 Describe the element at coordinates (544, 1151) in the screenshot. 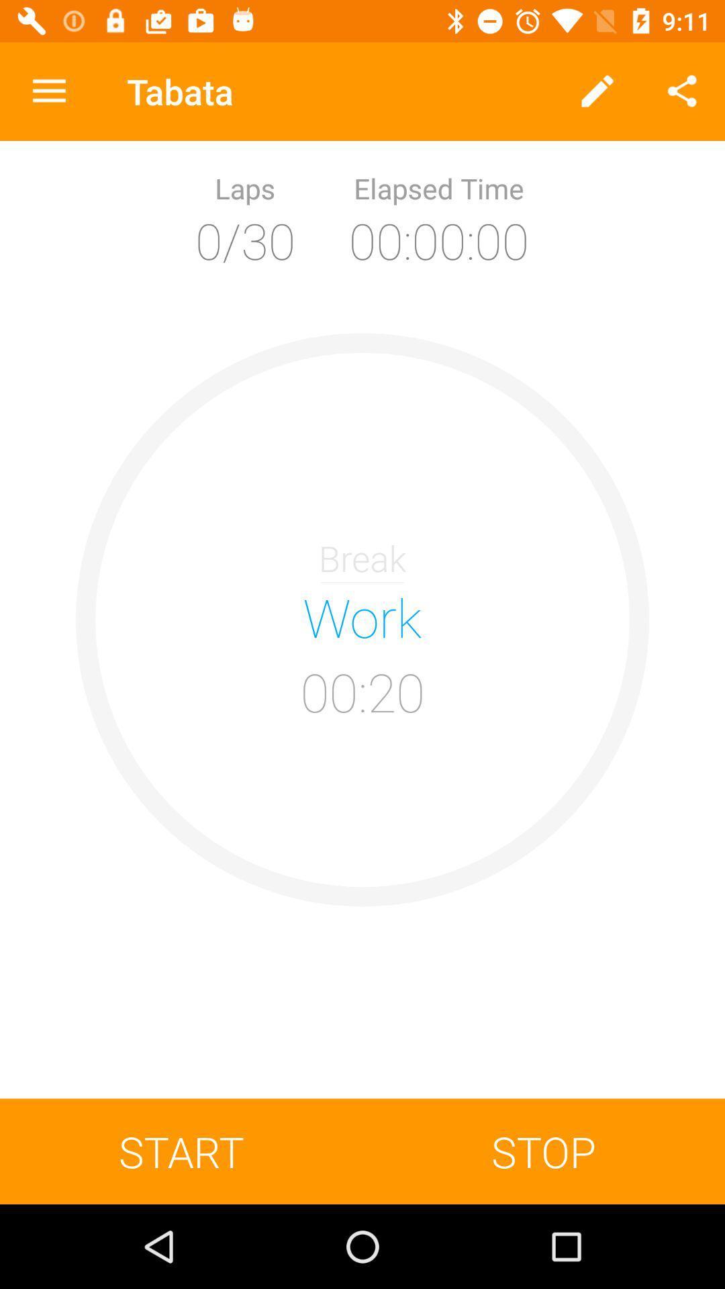

I see `the icon at the bottom right corner` at that location.